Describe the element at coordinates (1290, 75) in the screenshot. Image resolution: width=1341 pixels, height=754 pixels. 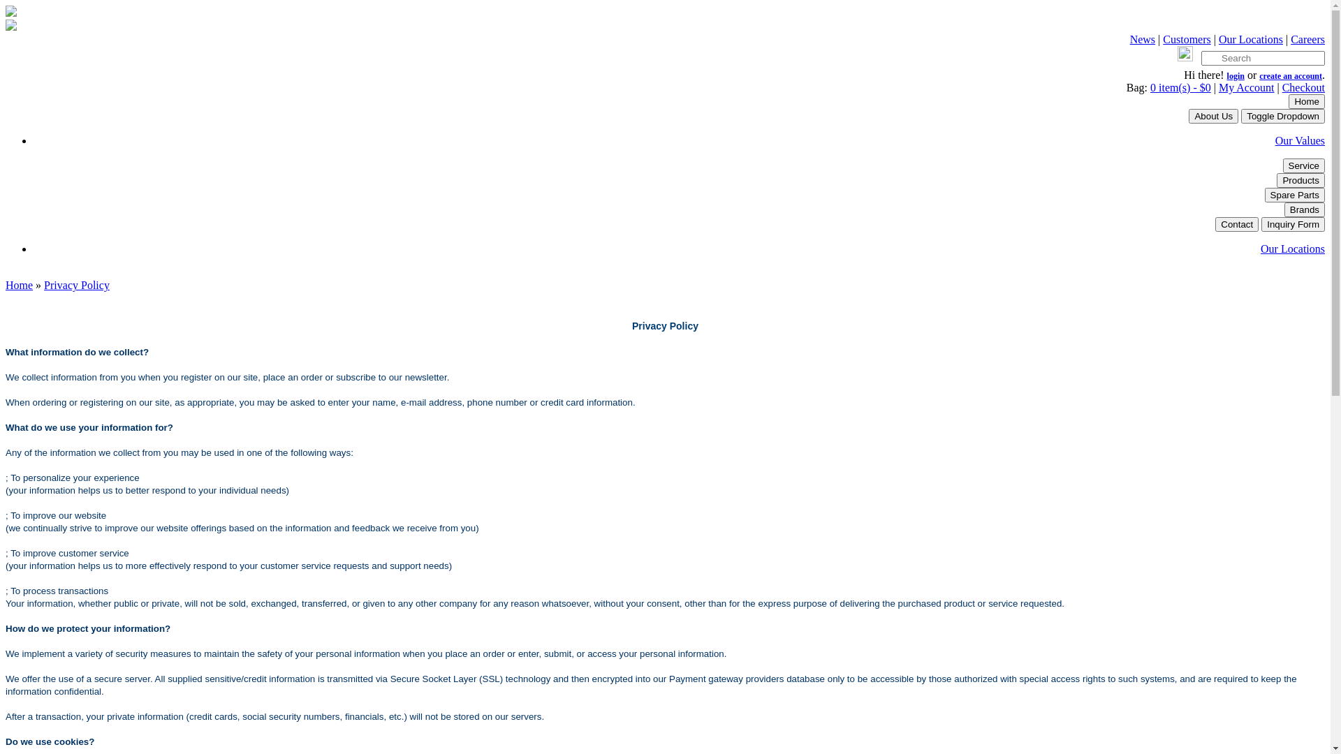
I see `'create an account'` at that location.